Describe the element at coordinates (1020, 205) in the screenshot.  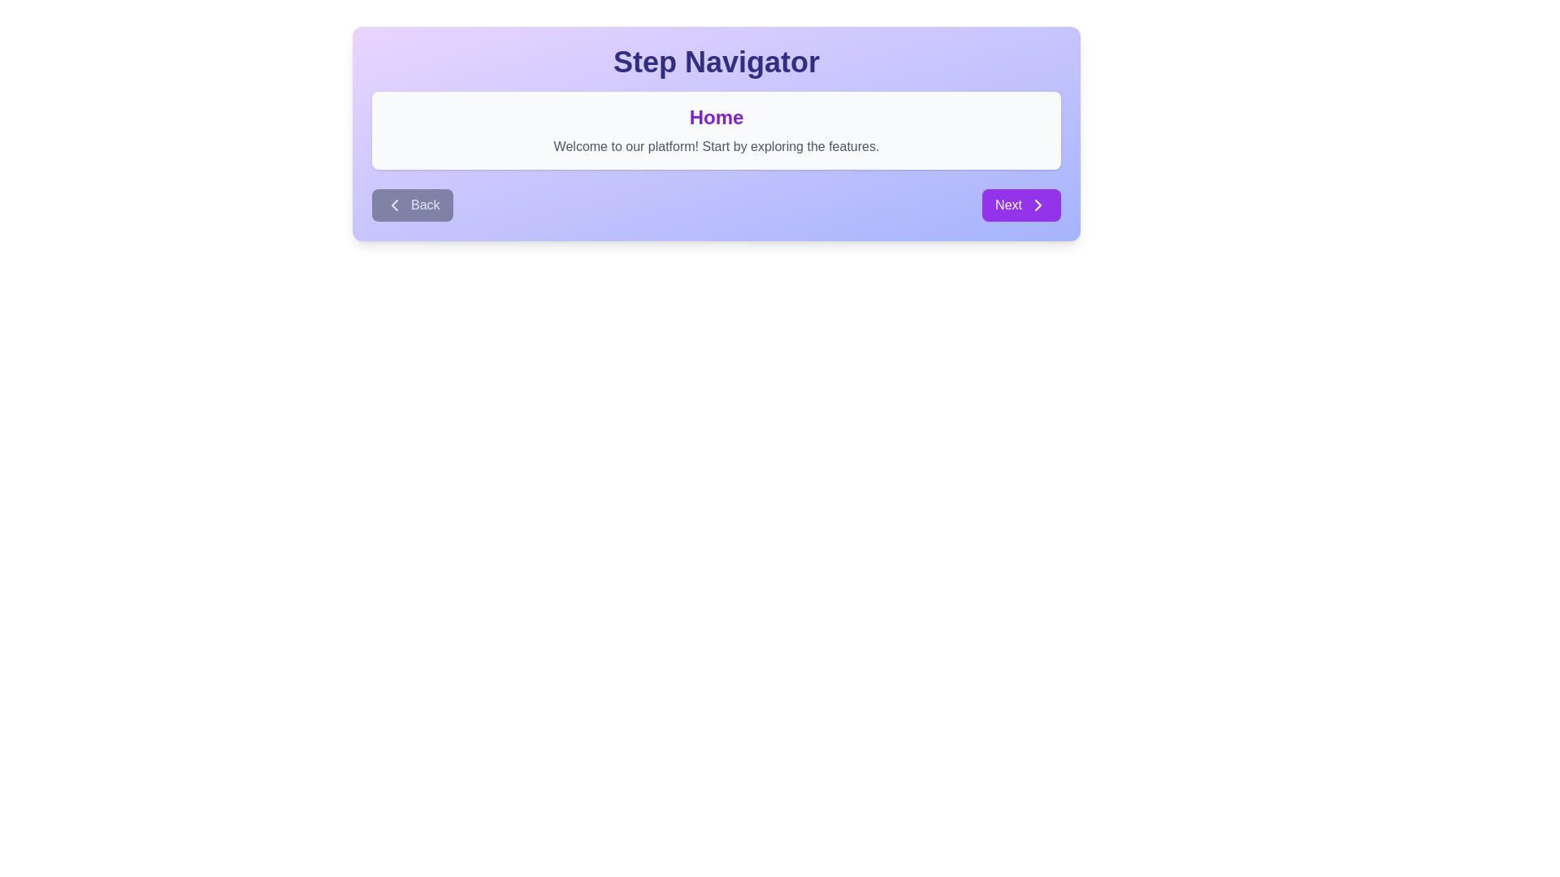
I see `the rightmost button in the bottom-right section of the main navigation control area` at that location.